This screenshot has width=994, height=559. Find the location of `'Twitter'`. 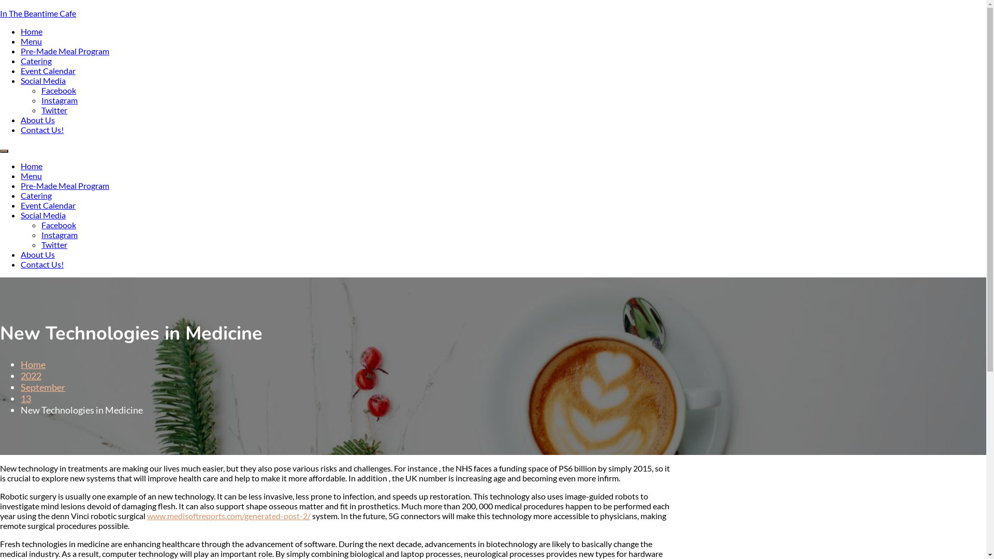

'Twitter' is located at coordinates (41, 244).